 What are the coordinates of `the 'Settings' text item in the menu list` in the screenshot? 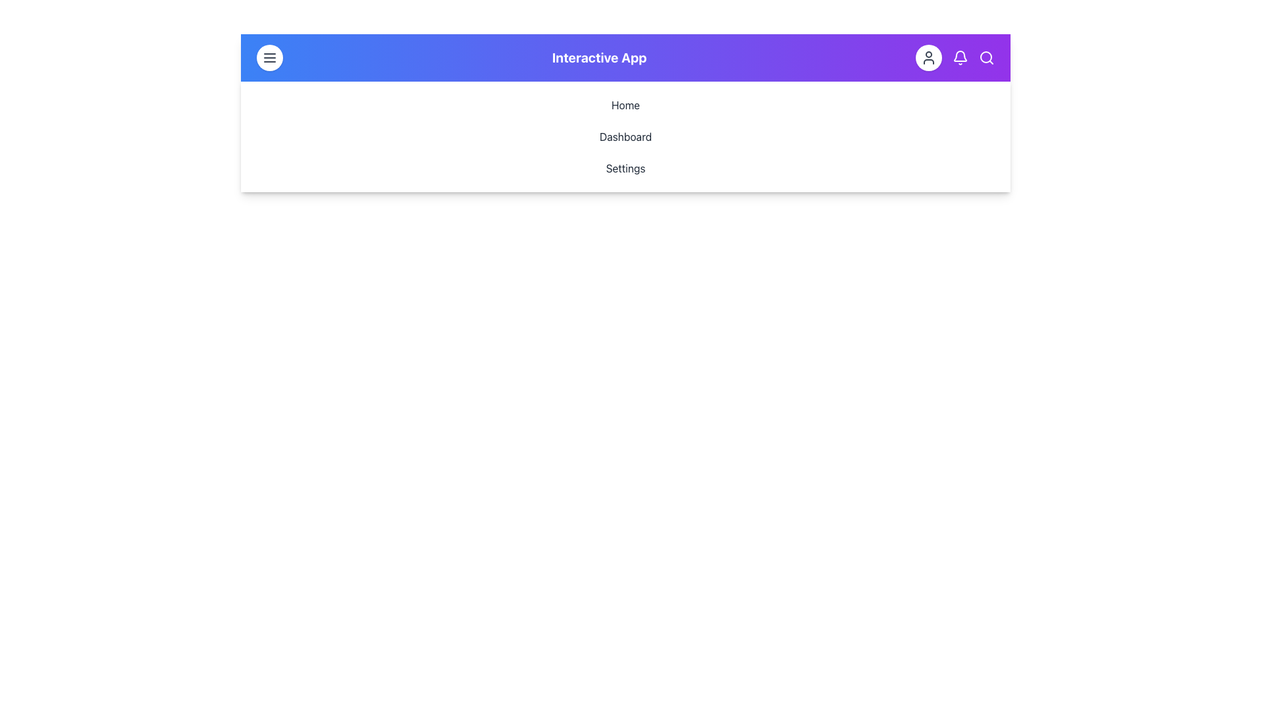 It's located at (625, 167).